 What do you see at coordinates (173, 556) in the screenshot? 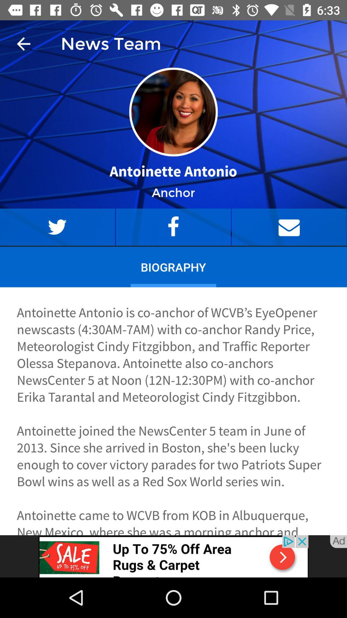
I see `advertising` at bounding box center [173, 556].